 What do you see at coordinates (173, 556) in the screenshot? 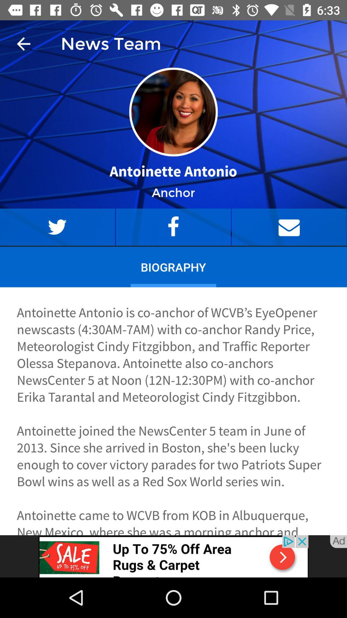
I see `advertising` at bounding box center [173, 556].